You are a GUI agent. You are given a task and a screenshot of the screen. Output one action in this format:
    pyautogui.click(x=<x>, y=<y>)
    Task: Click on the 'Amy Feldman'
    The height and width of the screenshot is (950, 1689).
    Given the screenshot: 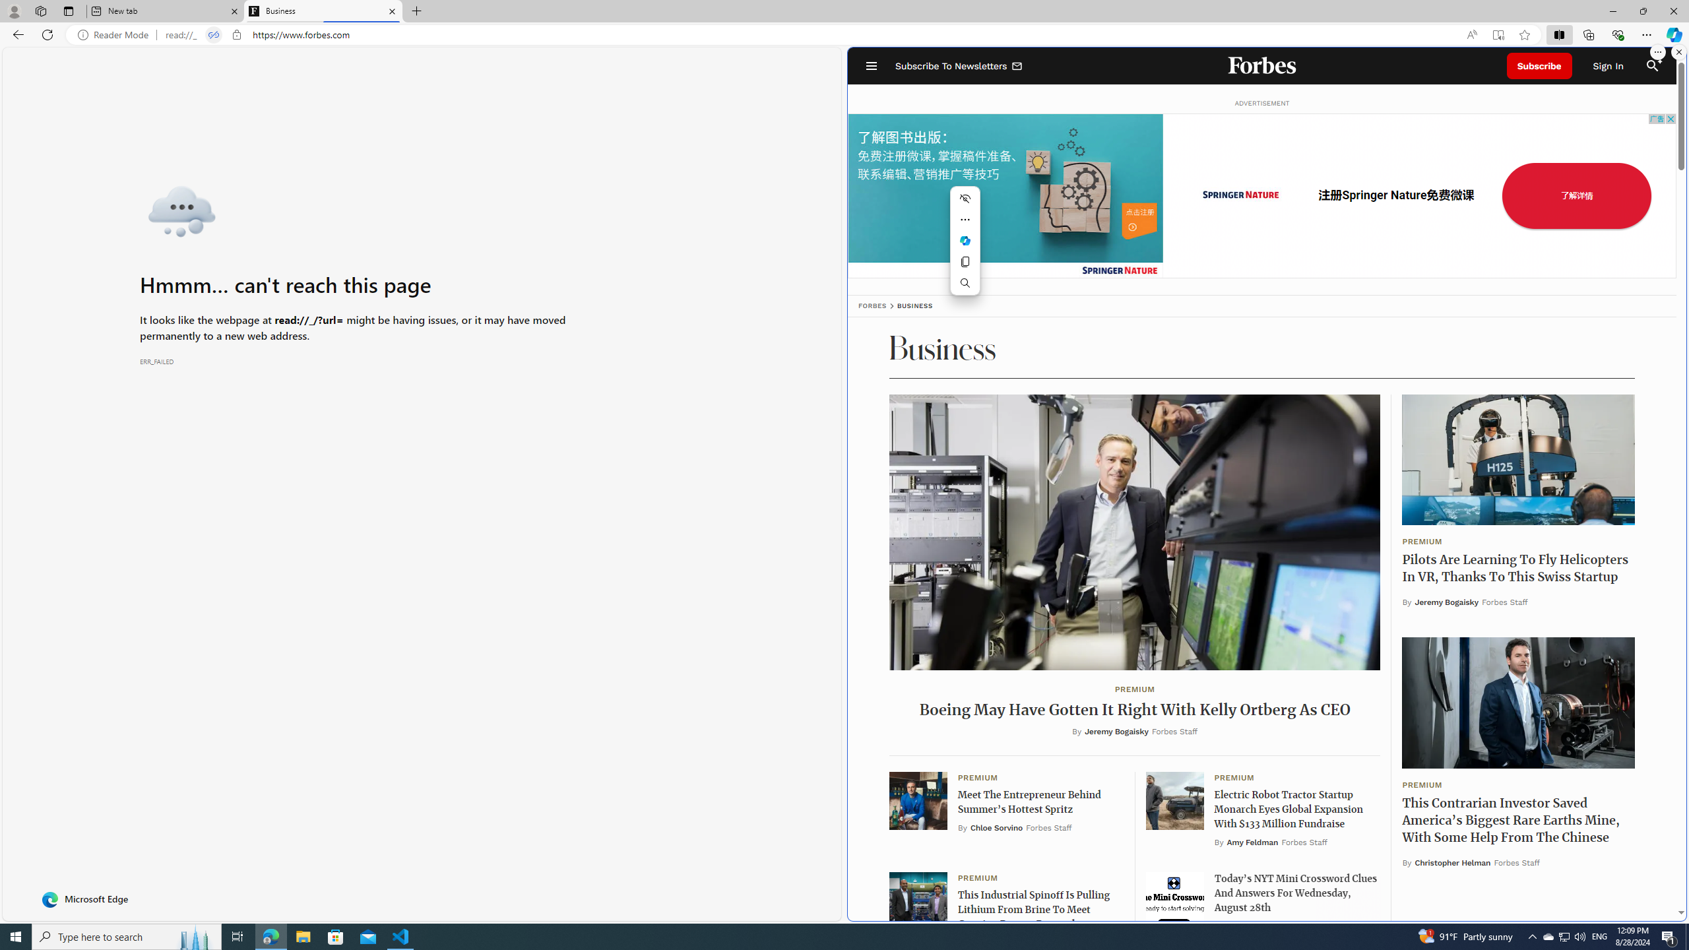 What is the action you would take?
    pyautogui.click(x=1252, y=842)
    